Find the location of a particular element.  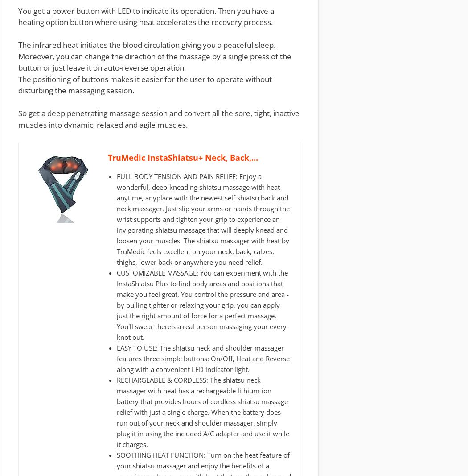

'RECHARGEABLE & CORDLESS: The shiatsu neck massager with heat has a rechargeable lithium-ion battery that provides hours of cordless shiatsu massage relief with just a single charge. When the battery does run out of your neck and shoulder massager, simply plug it in using the included A/C adapter and use it while it charges.' is located at coordinates (203, 411).